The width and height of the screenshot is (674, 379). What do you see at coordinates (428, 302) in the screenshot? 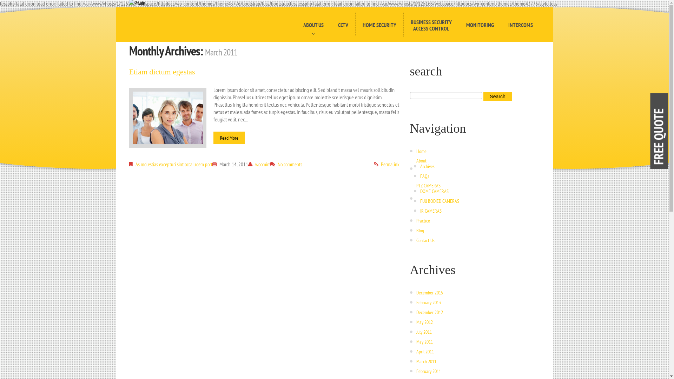
I see `'February 2013'` at bounding box center [428, 302].